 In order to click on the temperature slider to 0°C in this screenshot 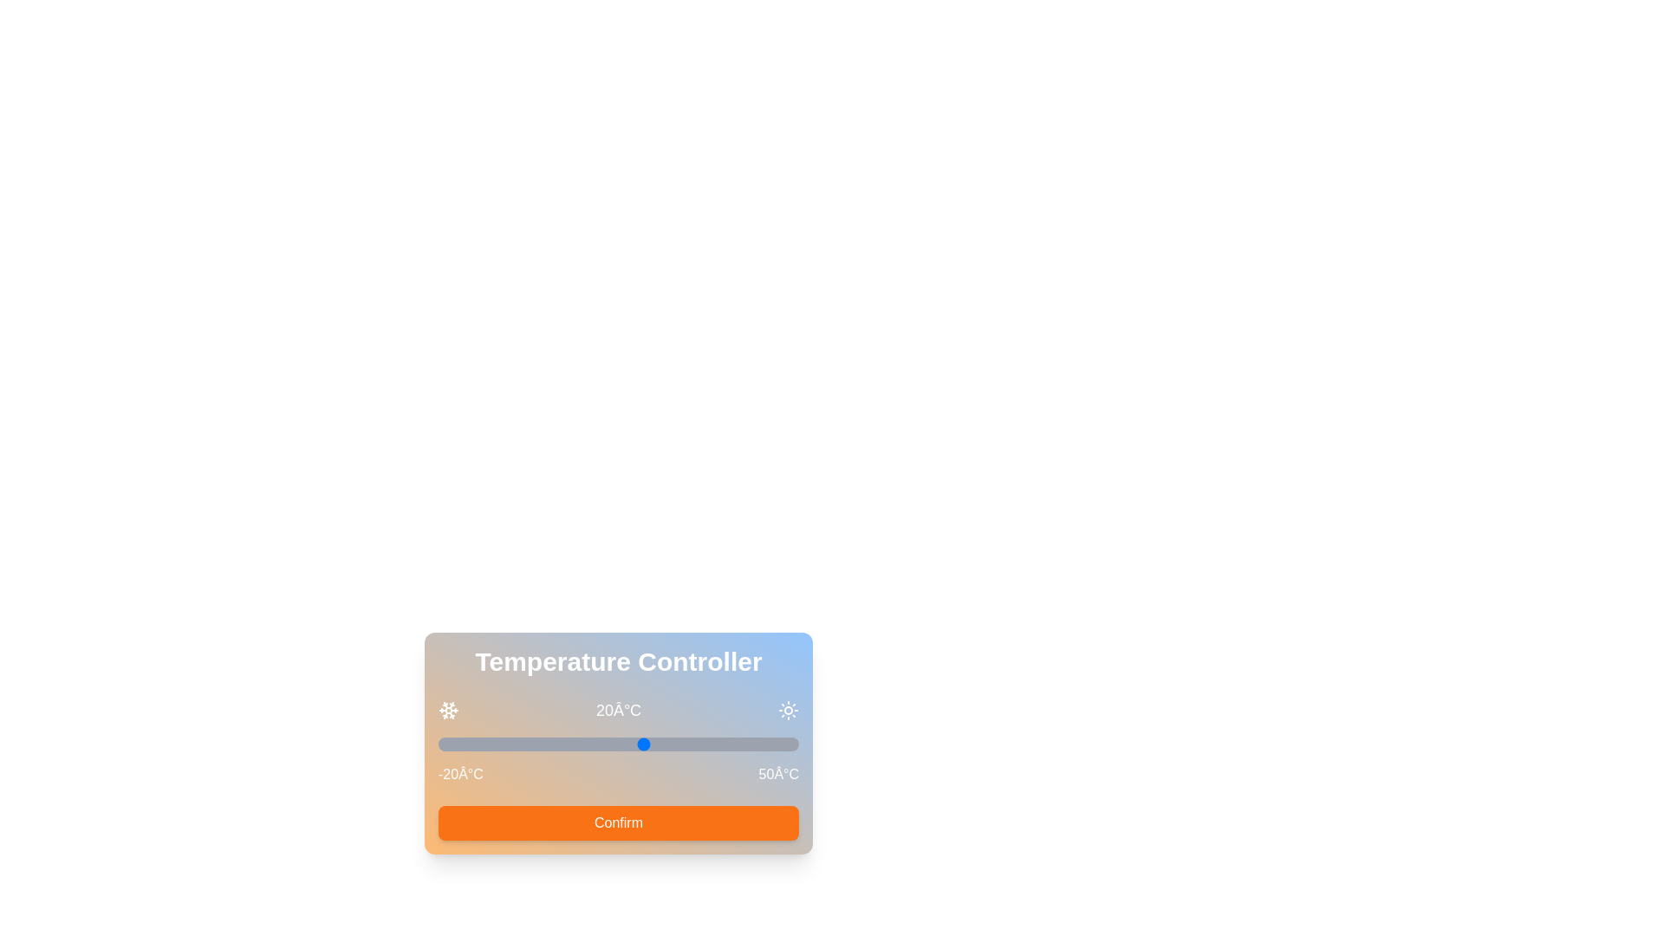, I will do `click(540, 744)`.